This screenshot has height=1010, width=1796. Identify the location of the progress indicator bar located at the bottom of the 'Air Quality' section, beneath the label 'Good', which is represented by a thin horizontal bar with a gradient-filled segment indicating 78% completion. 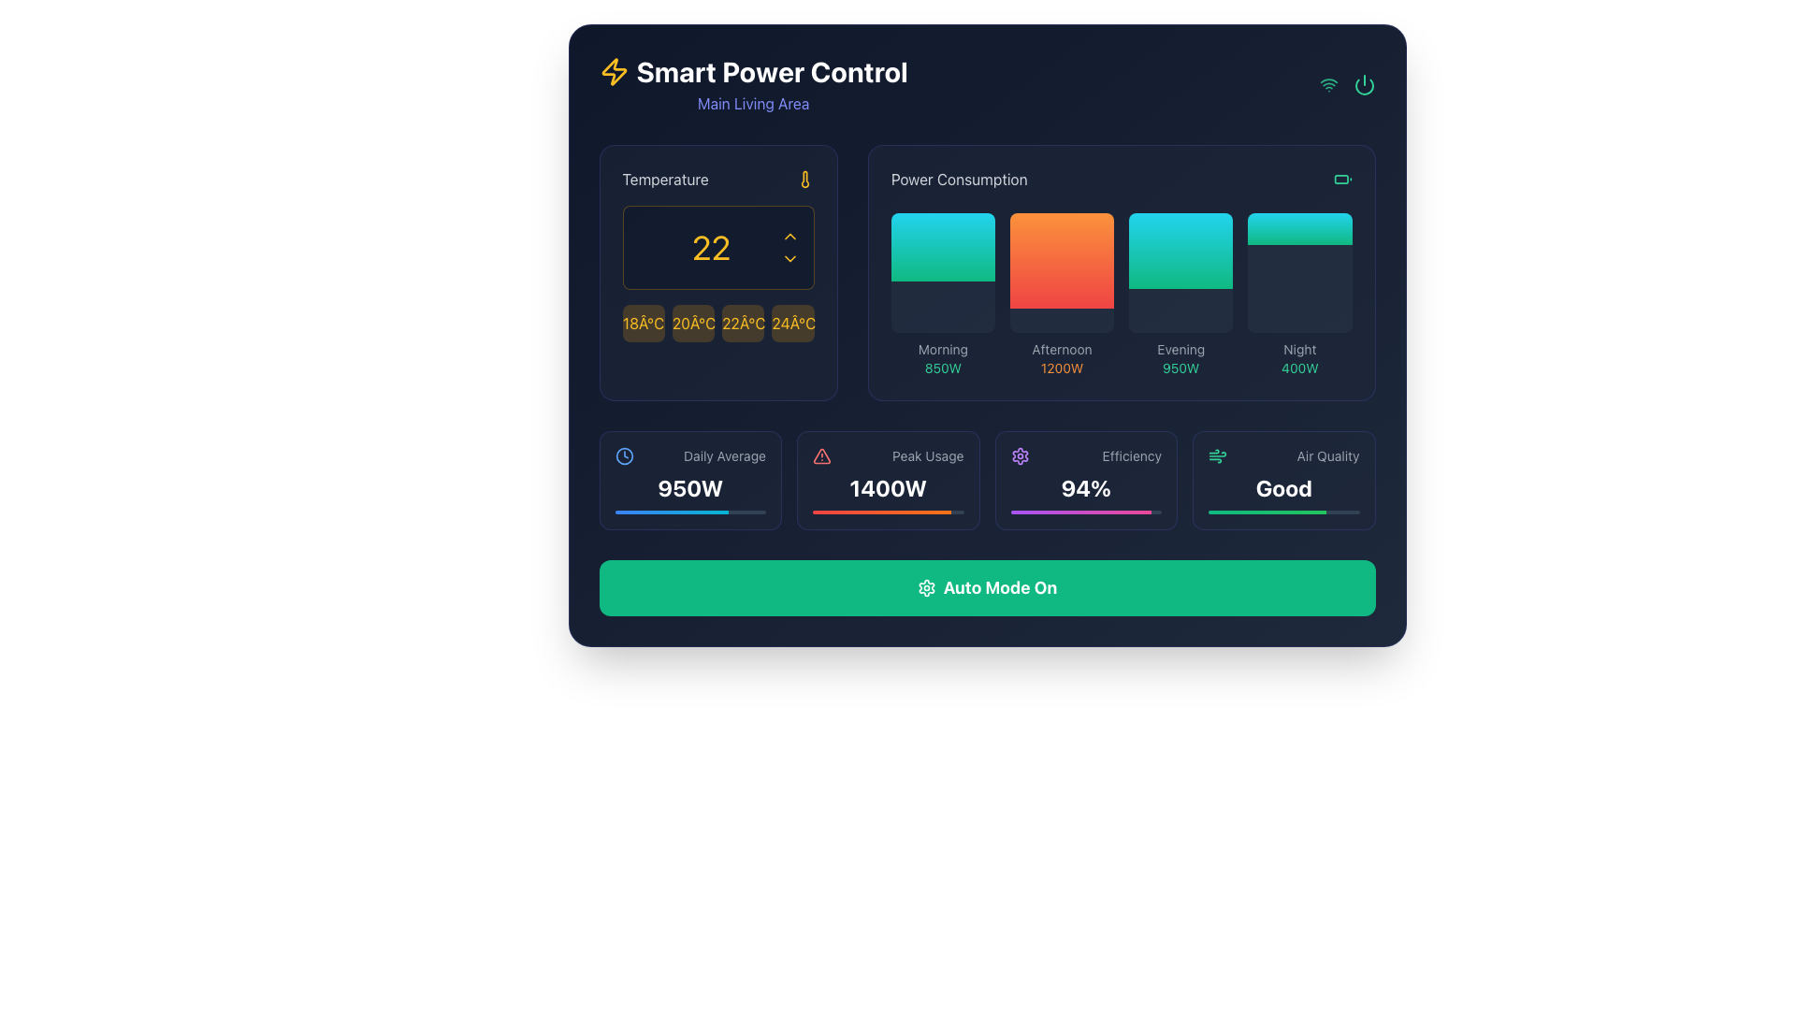
(1282, 512).